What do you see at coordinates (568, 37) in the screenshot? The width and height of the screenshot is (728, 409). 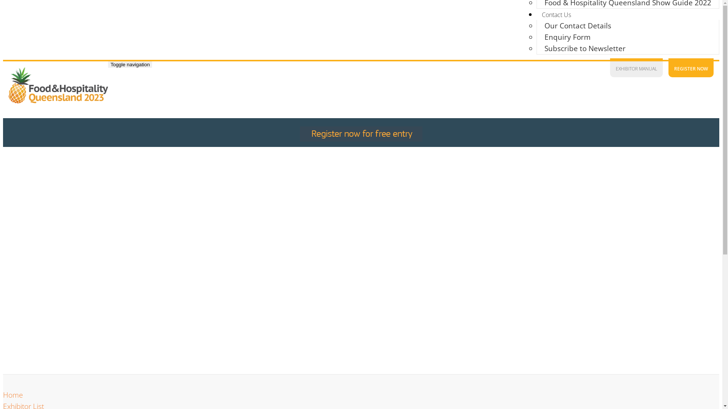 I see `'Enquiry Form'` at bounding box center [568, 37].